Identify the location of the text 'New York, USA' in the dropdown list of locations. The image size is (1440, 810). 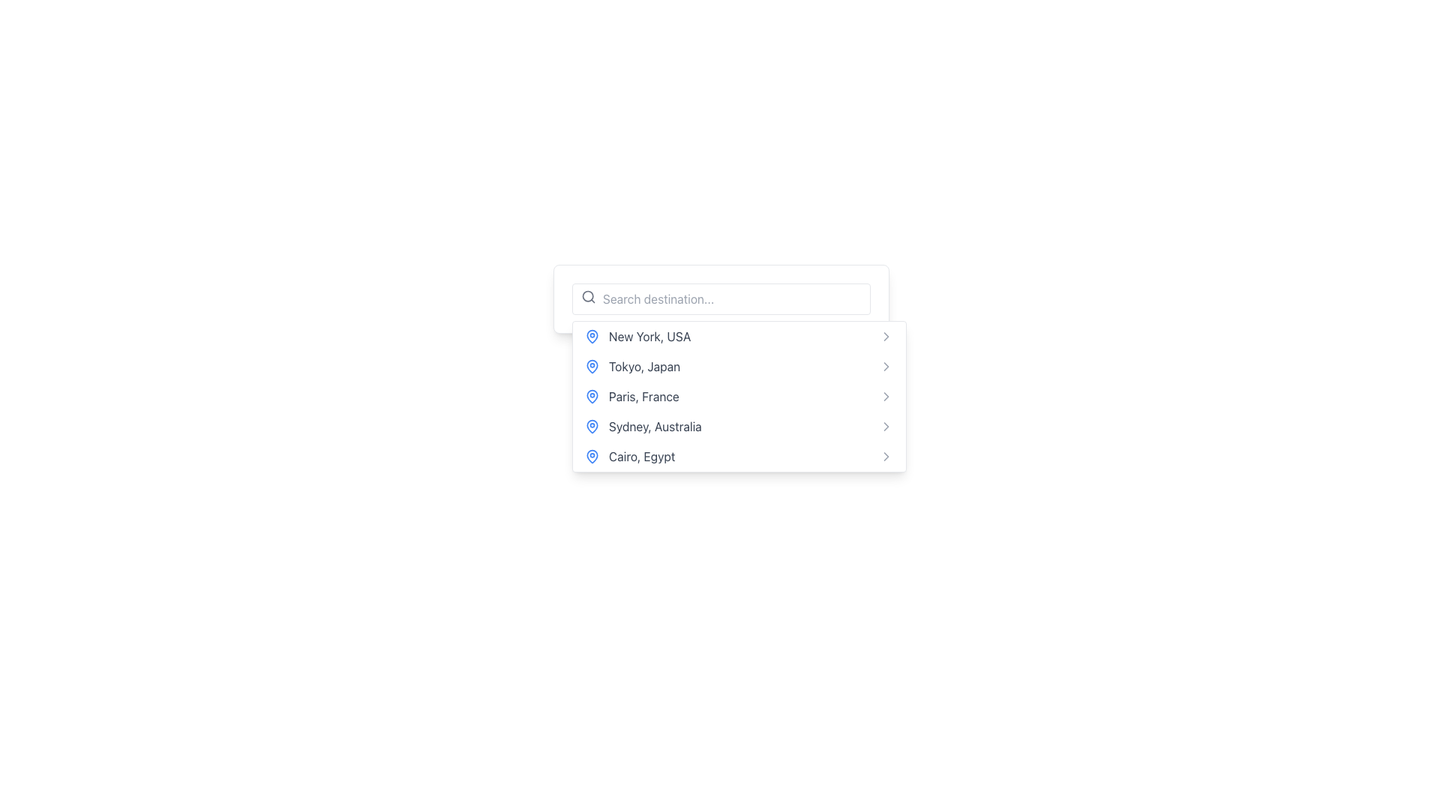
(649, 335).